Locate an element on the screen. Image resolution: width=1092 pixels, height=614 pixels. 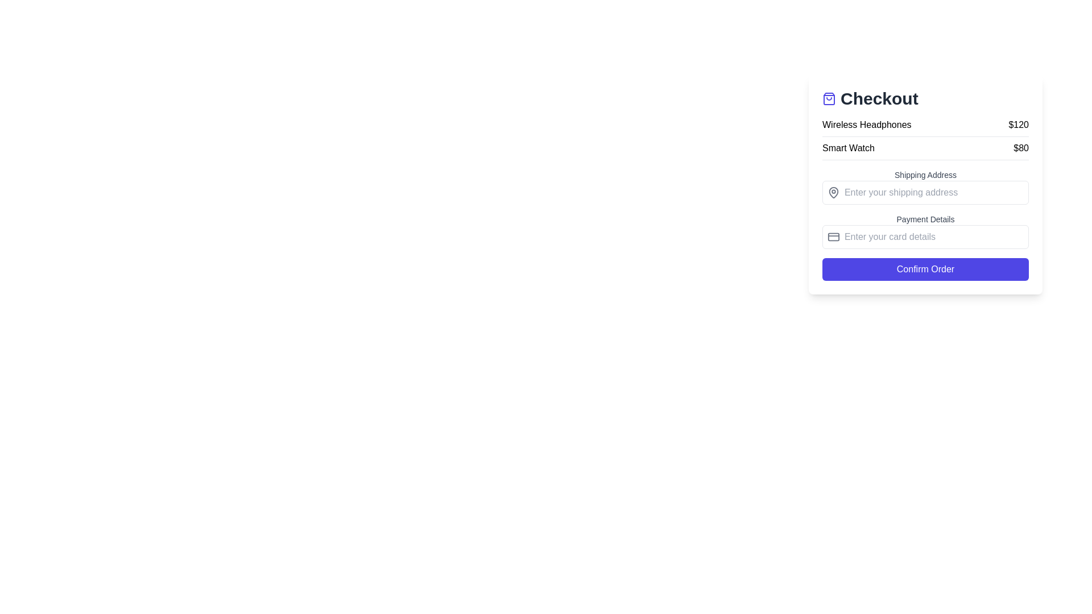
the price text label for 'Wireless Headphones' located in the checkout summary, positioned to the right of the item description is located at coordinates (1019, 125).